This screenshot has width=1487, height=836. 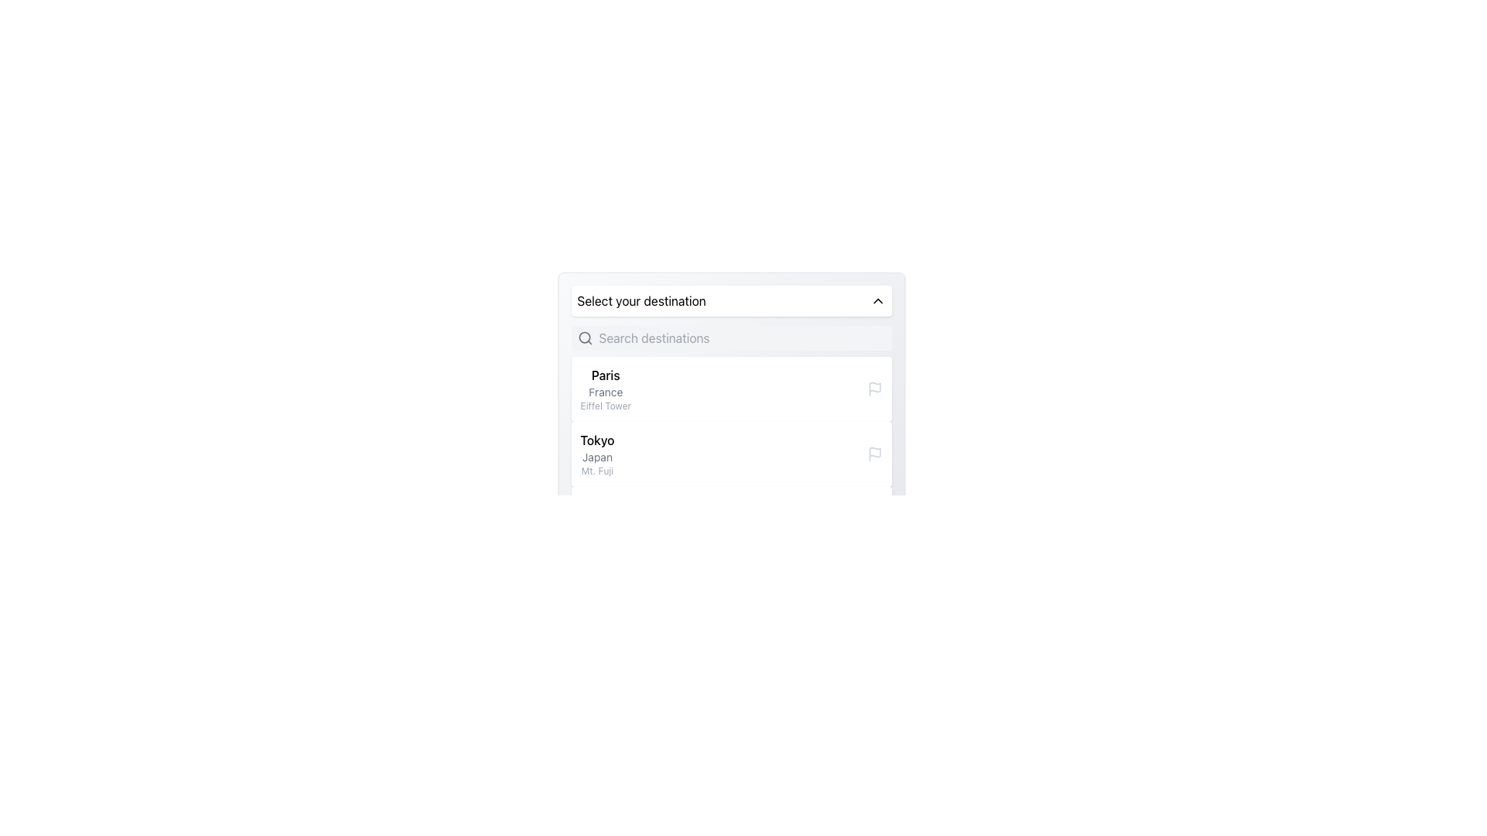 What do you see at coordinates (874, 453) in the screenshot?
I see `the minimalist light gray flag icon located to the far right side of the 'Tokyo' row, which is vertically aligned with the text content of that row` at bounding box center [874, 453].